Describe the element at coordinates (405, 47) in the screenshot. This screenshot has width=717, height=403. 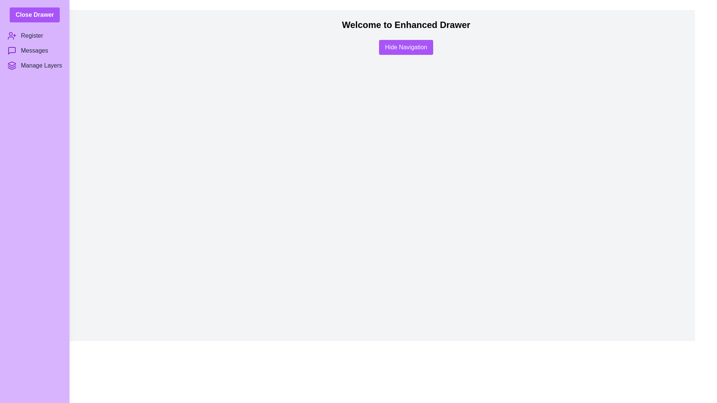
I see `the 'Hide Navigation' button to toggle the visibility of the drawer` at that location.